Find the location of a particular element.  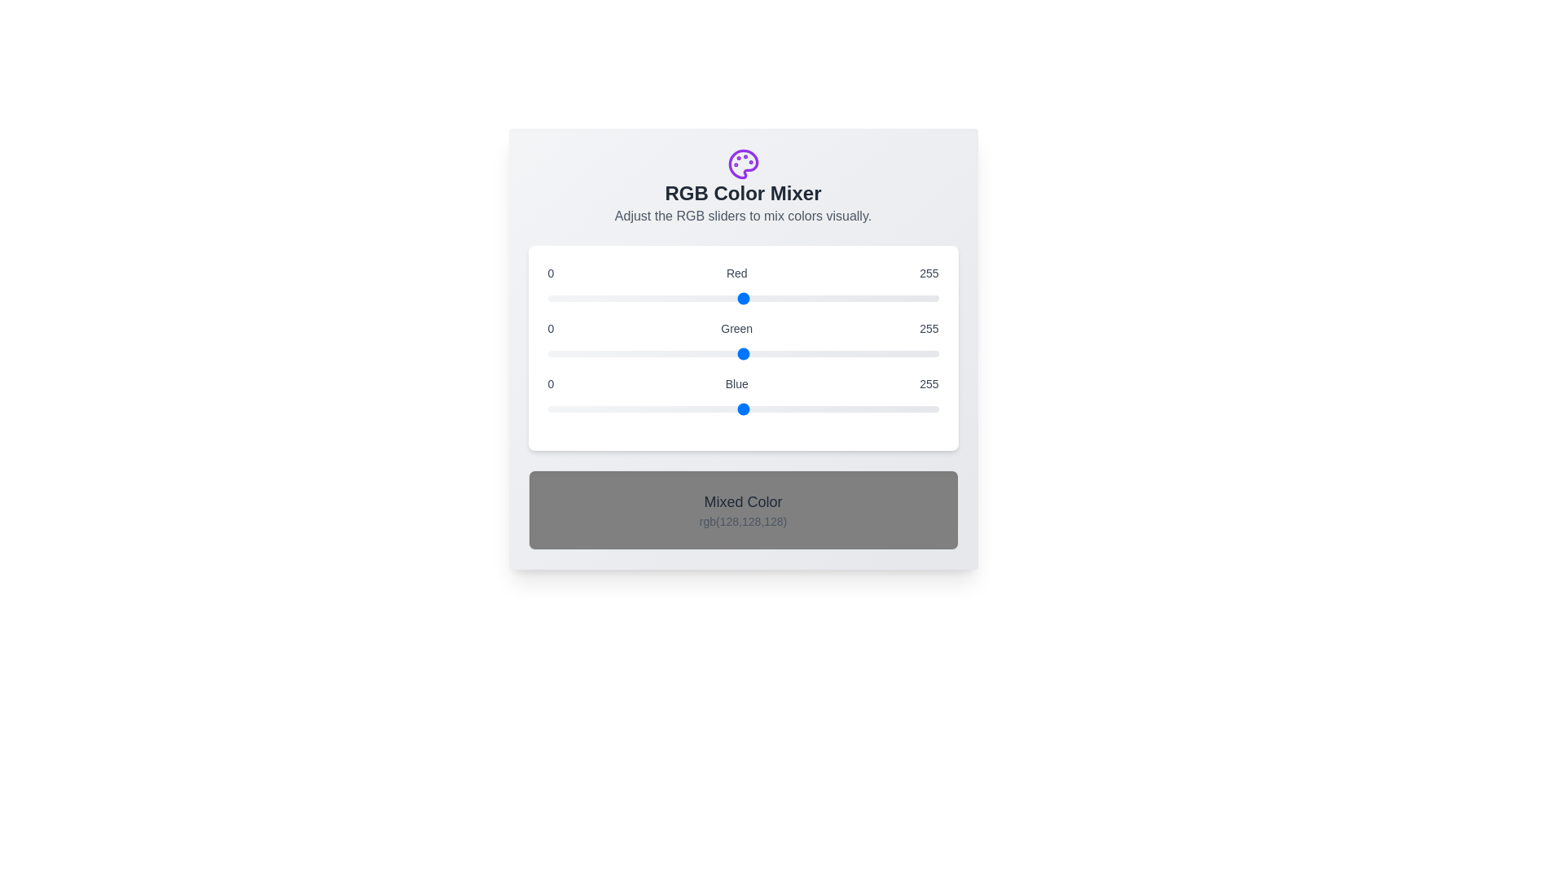

the green slider to set the green component to 114 is located at coordinates (722, 353).